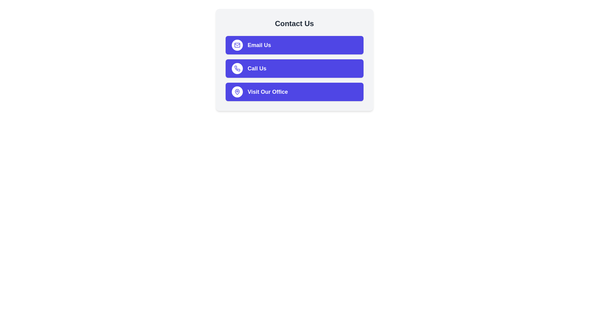  I want to click on the 'Email Us' label, so click(259, 45).